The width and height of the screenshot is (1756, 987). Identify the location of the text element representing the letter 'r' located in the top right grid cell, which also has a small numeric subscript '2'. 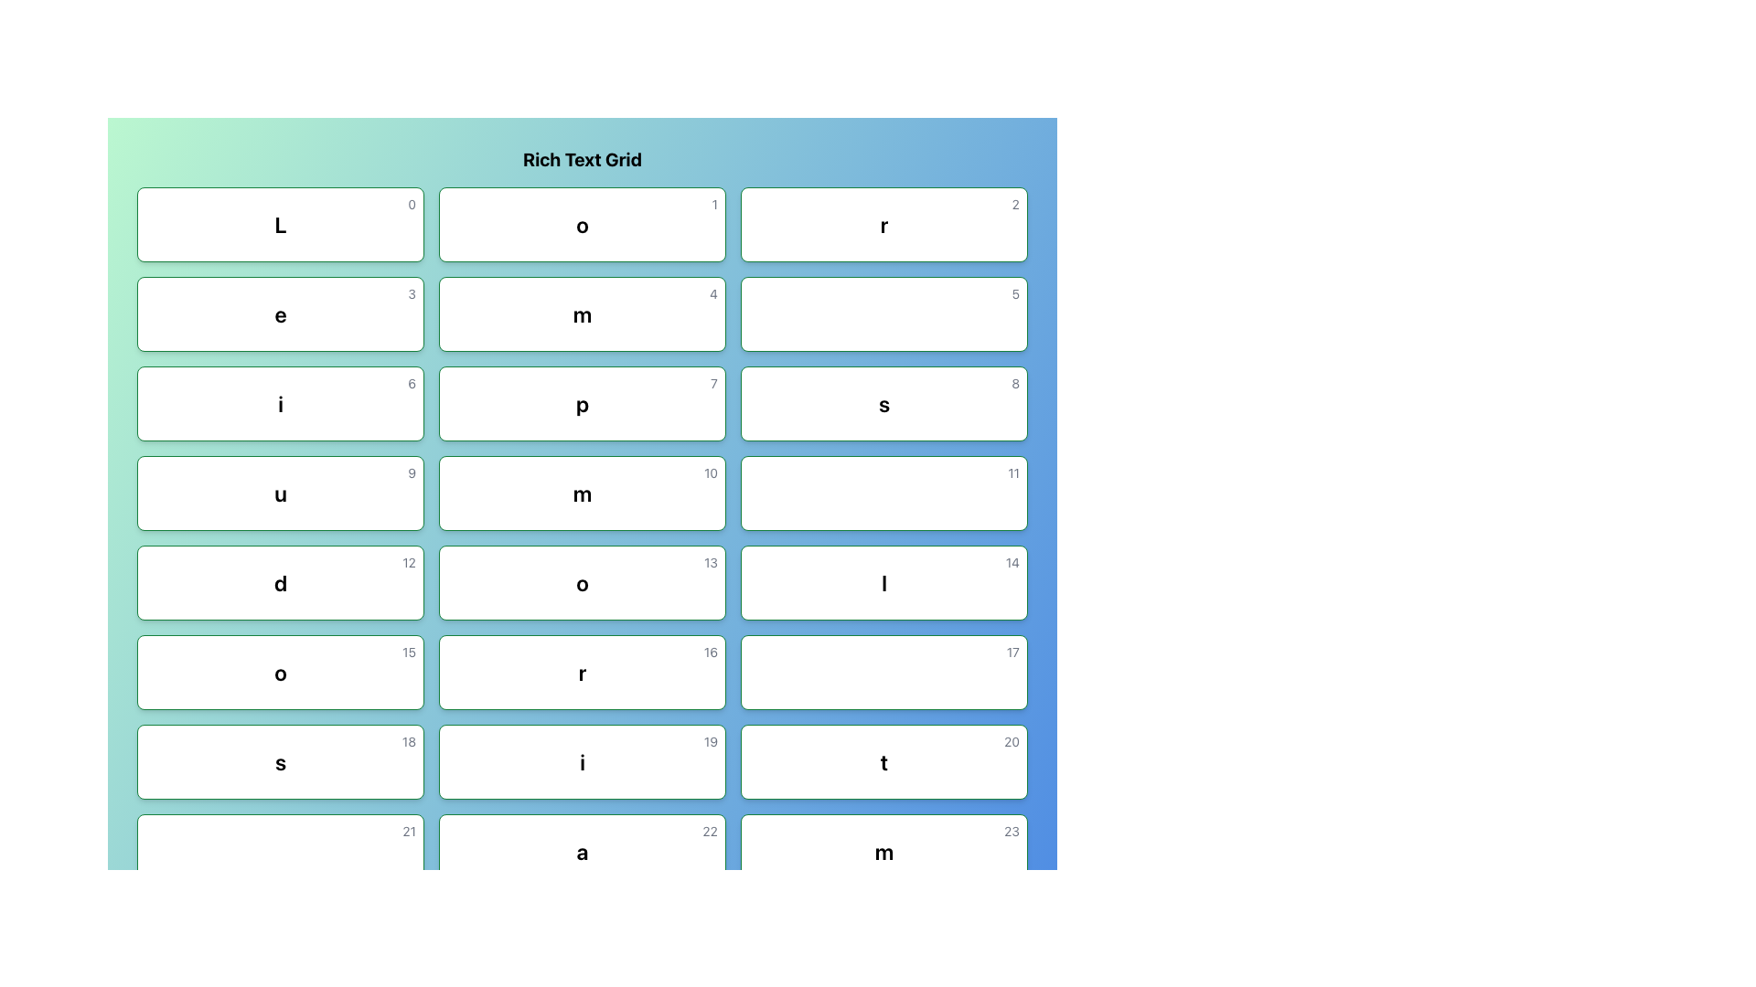
(883, 224).